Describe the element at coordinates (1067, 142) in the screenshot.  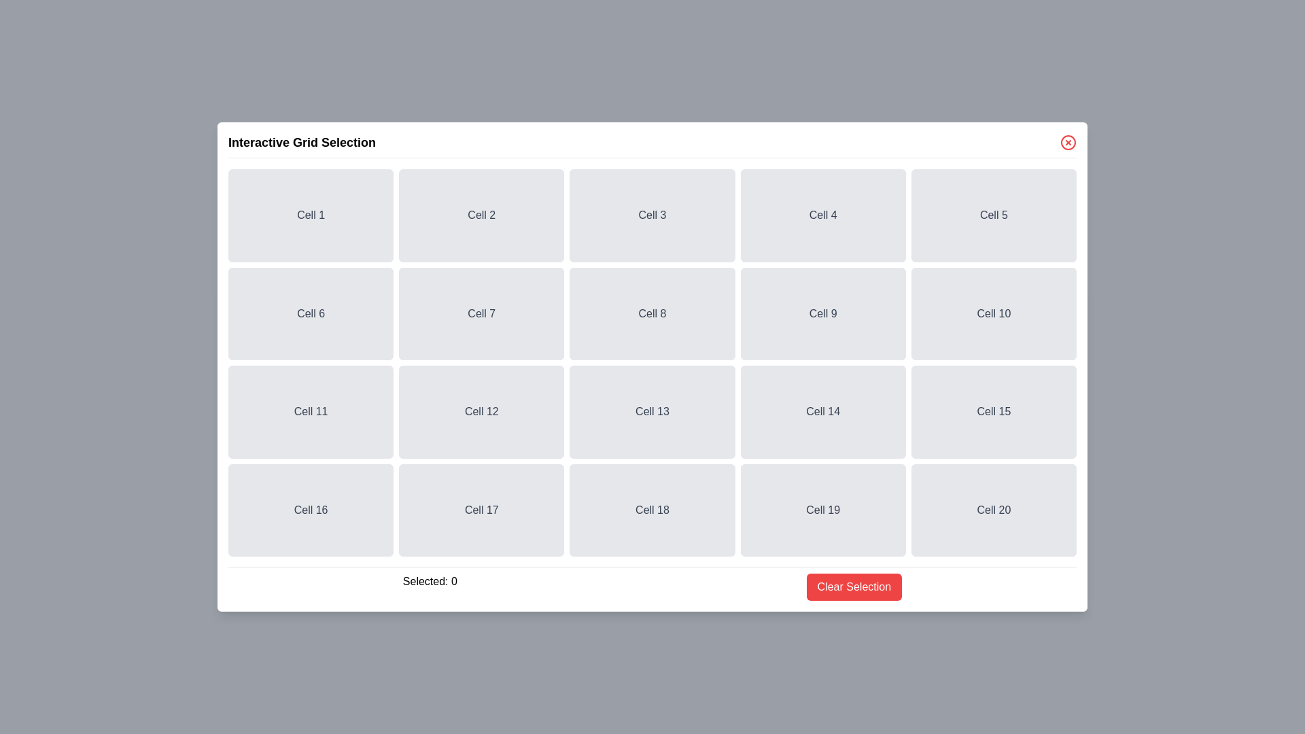
I see `the close button located at the top-right corner of the dialog` at that location.